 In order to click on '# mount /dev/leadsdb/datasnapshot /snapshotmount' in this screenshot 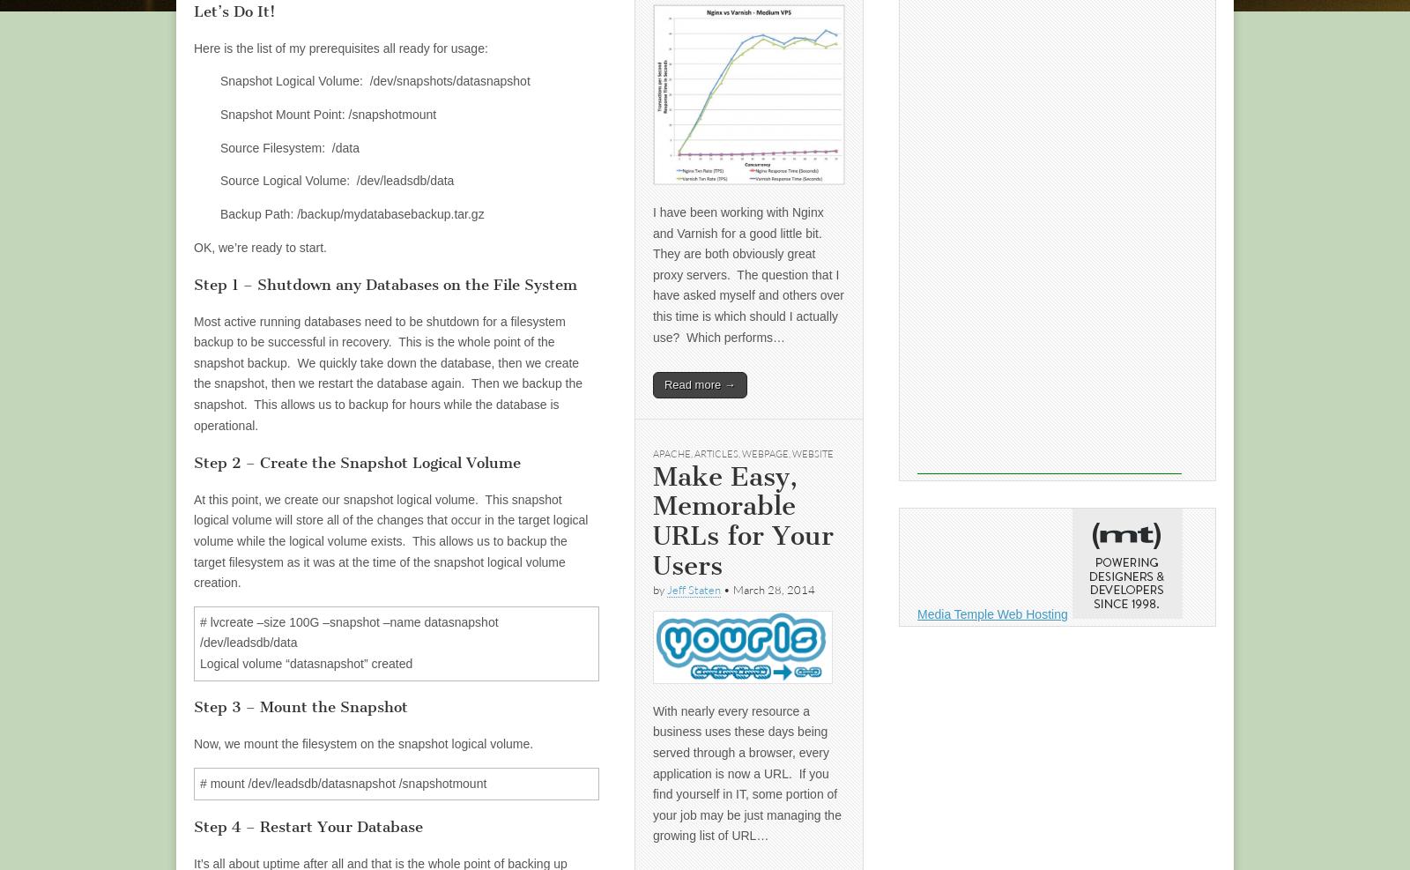, I will do `click(343, 782)`.